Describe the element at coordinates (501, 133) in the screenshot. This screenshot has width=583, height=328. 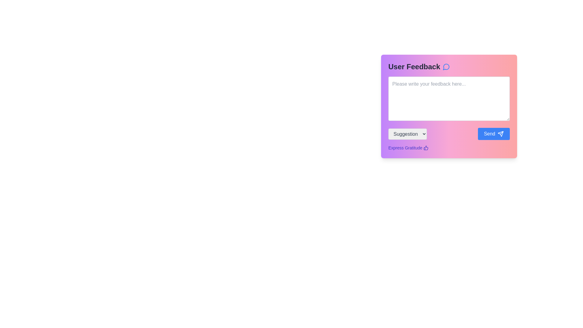
I see `the 'Send' button, which contains an icon representing the action of sending` at that location.